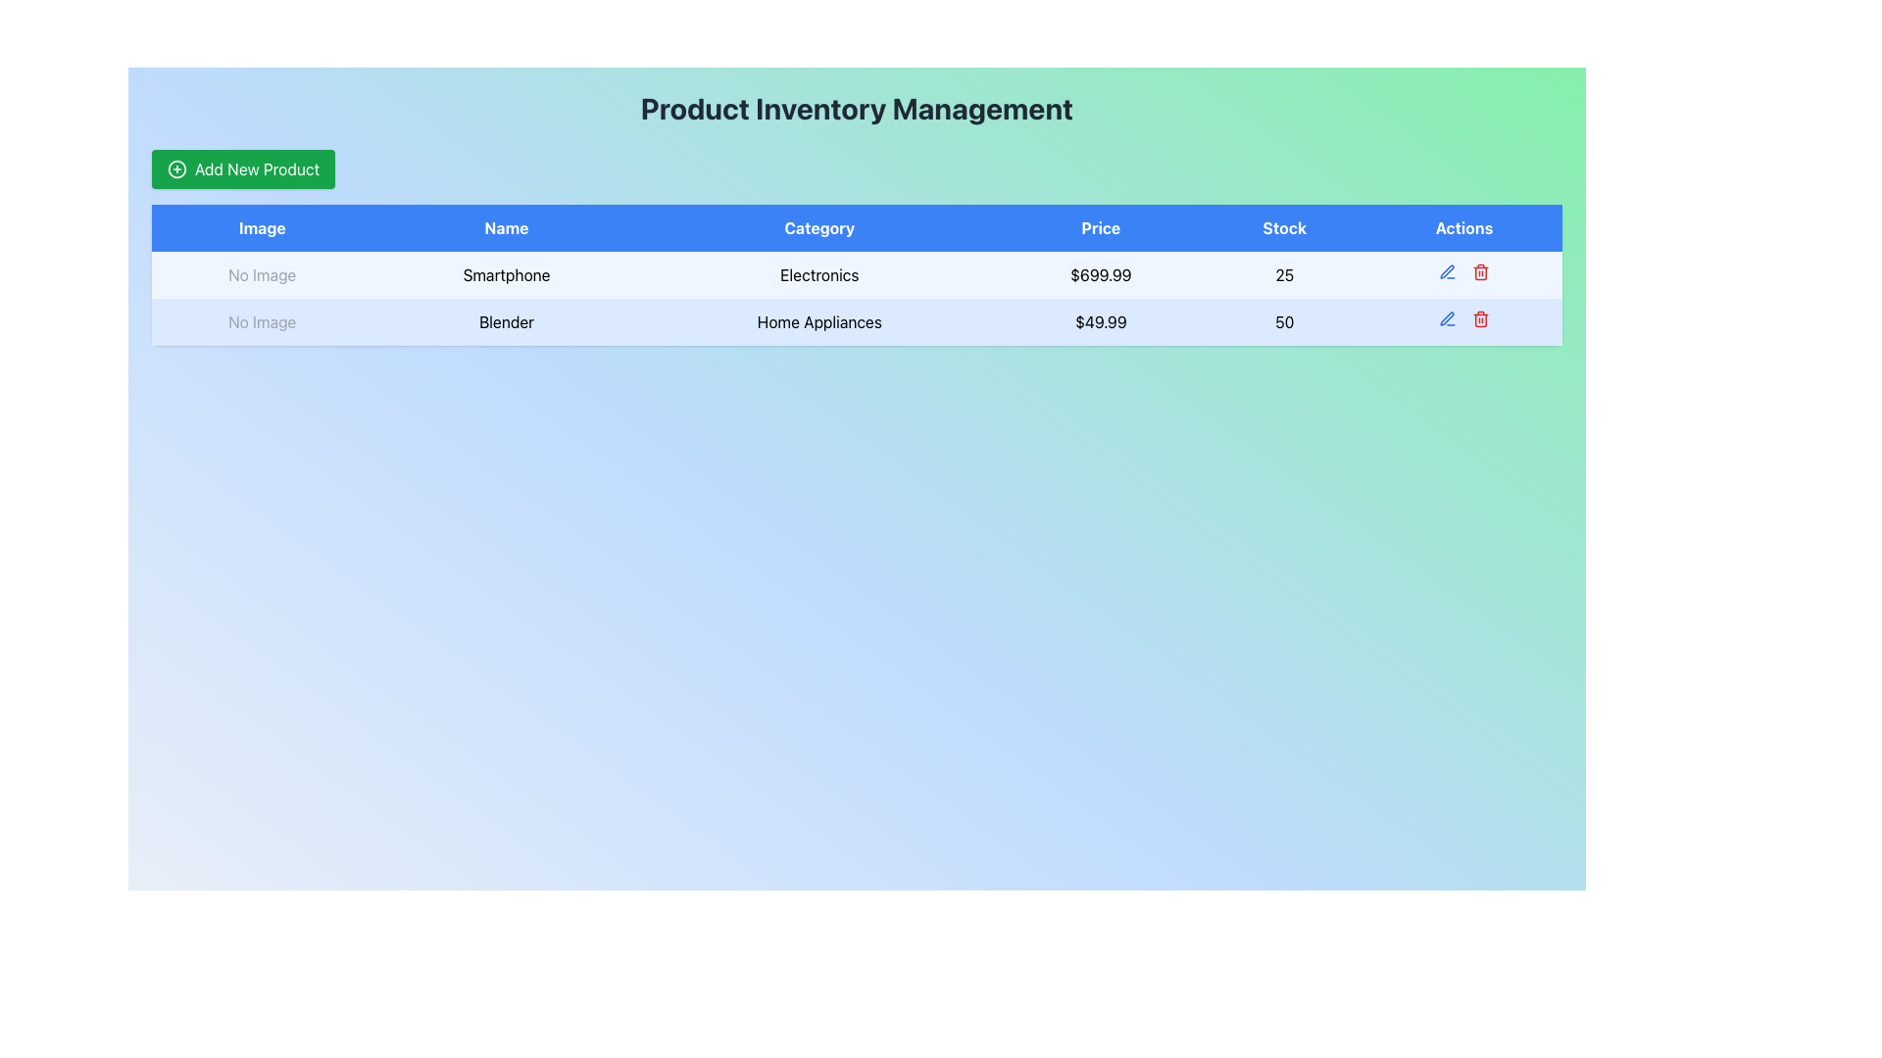 This screenshot has width=1882, height=1058. I want to click on the text element indicating the product name 'Blender' located in the second row of the table under the 'Name' column, next to 'No Image' and 'Home Appliances', so click(507, 320).